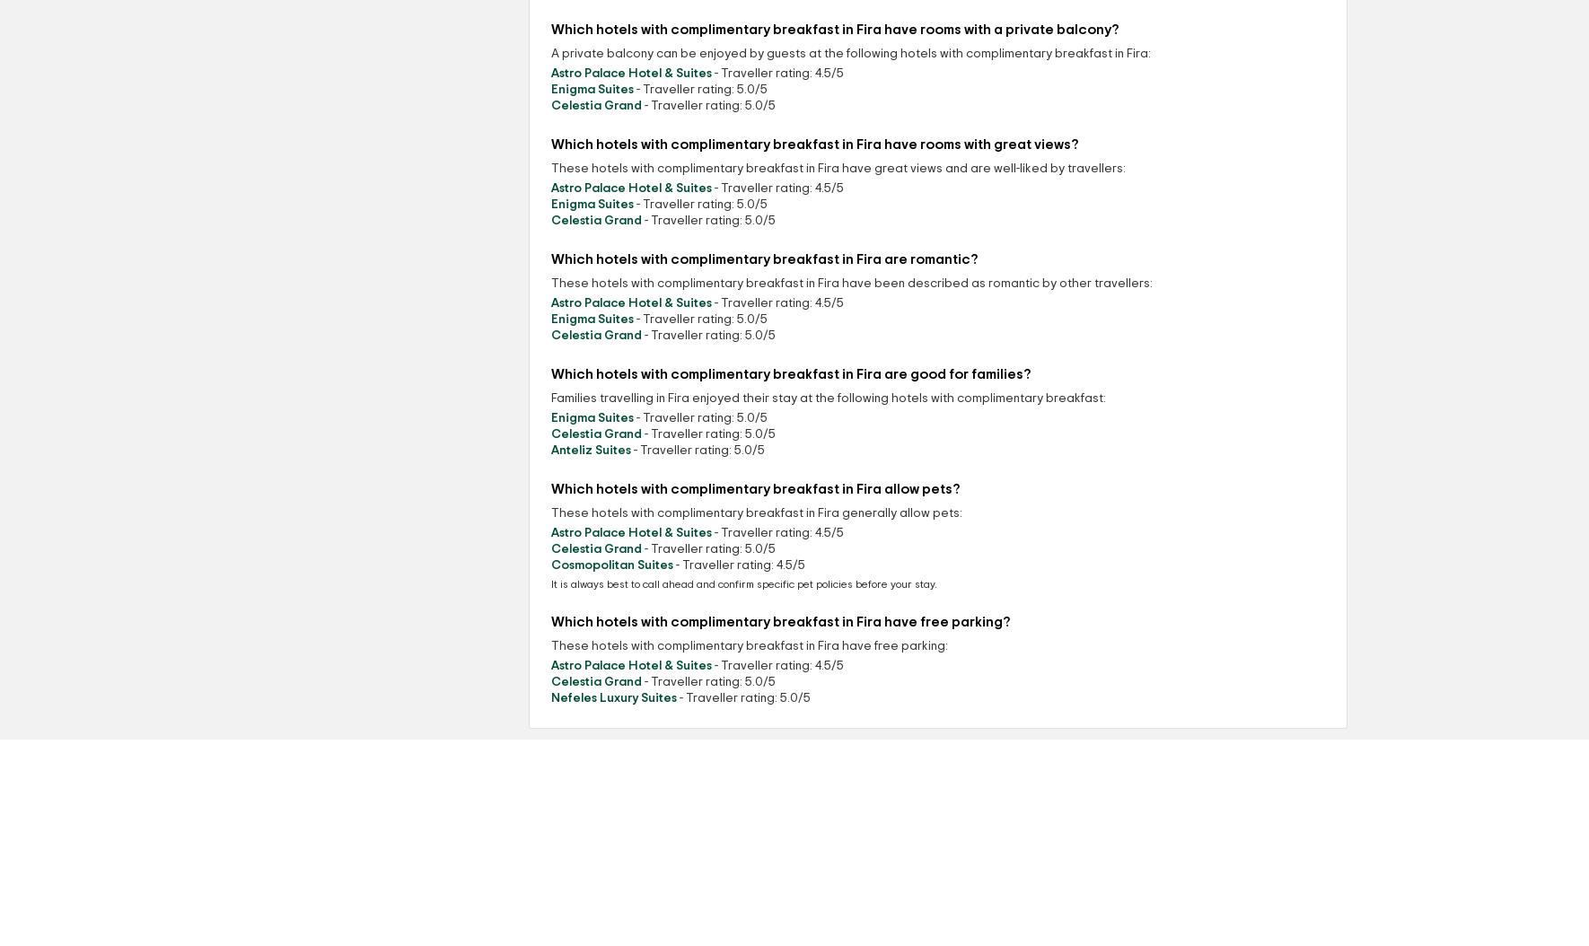  Describe the element at coordinates (750, 644) in the screenshot. I see `'These hotels with complimentary breakfast in Fira have free parking:'` at that location.